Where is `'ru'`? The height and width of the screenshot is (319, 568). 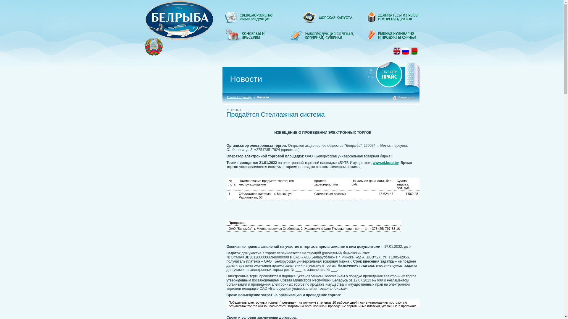
'ru' is located at coordinates (414, 53).